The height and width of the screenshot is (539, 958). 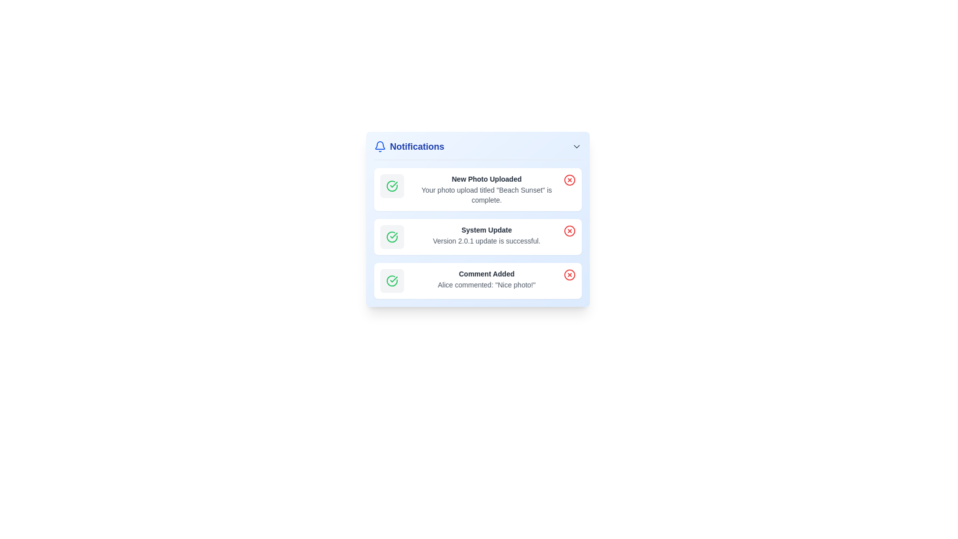 I want to click on the chevron-like icon button in the Notifications header, so click(x=576, y=146).